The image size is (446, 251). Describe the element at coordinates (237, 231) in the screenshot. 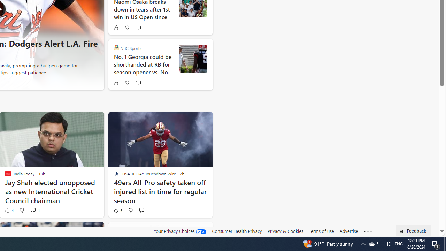

I see `'Consumer Health Privacy'` at that location.